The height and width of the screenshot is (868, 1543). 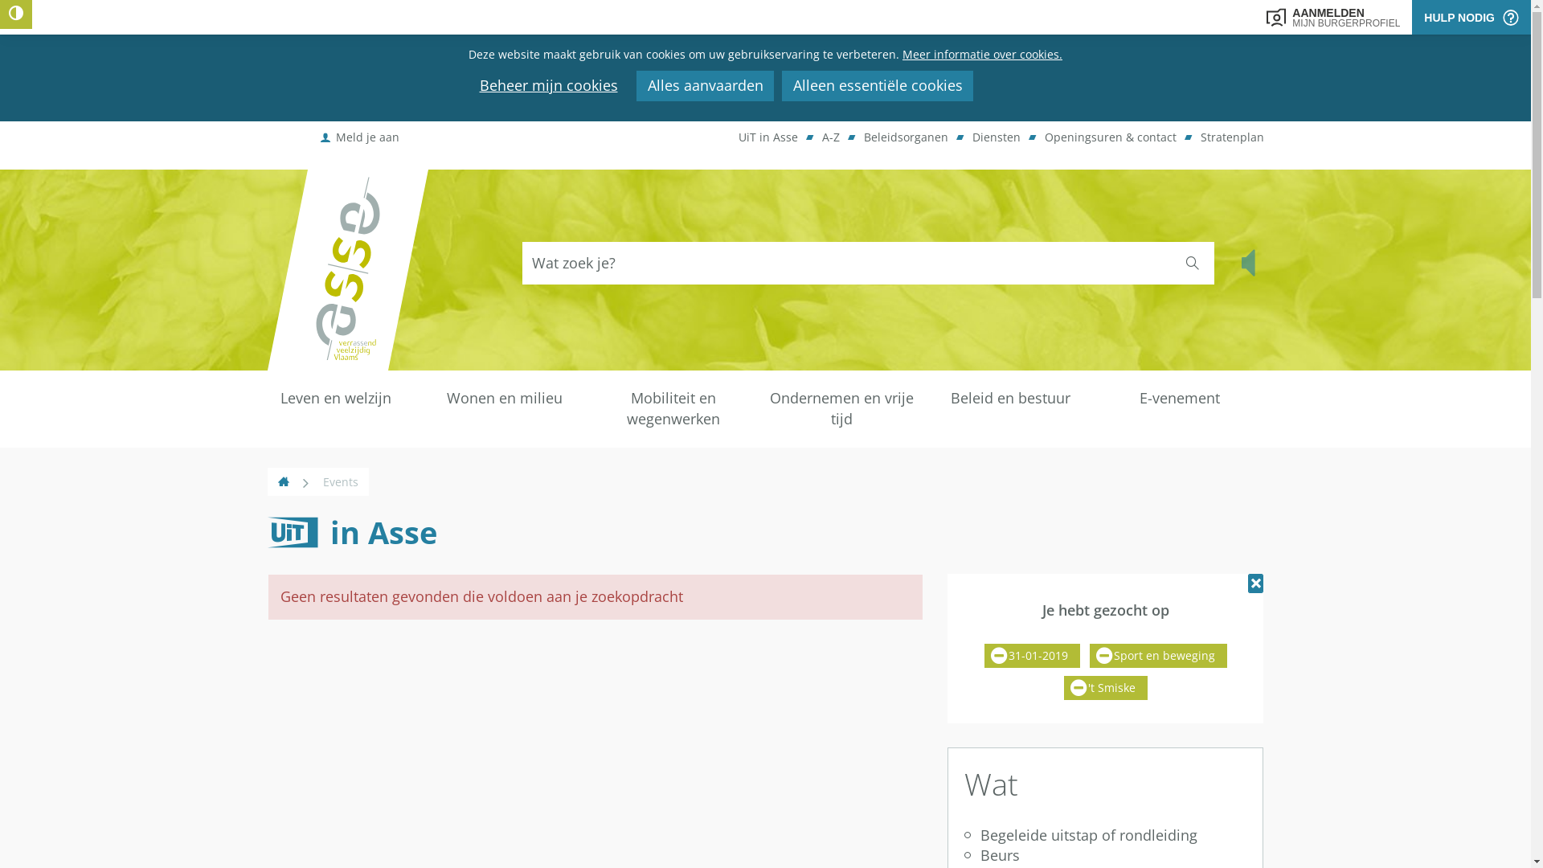 What do you see at coordinates (1249, 262) in the screenshot?
I see `'Laat de tekst voorlezen met ReadSpeaker'` at bounding box center [1249, 262].